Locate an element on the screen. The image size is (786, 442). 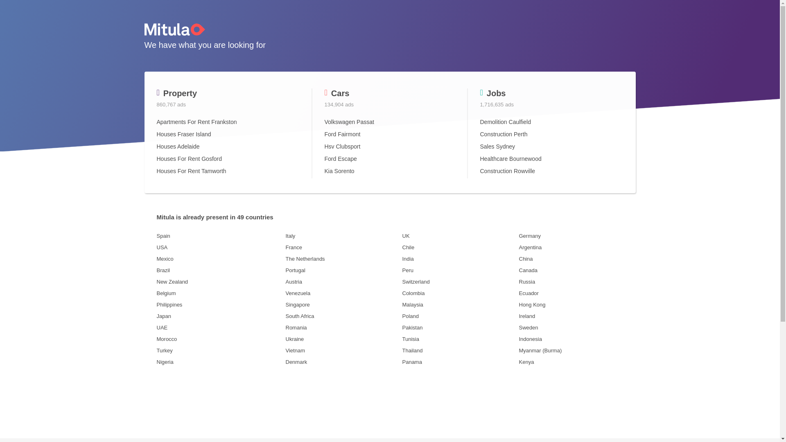
'Venezuela' is located at coordinates (338, 293).